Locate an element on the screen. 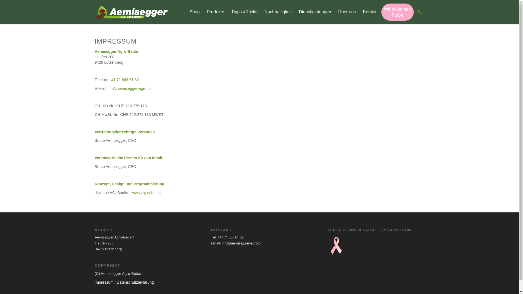  'Produkte' is located at coordinates (215, 12).